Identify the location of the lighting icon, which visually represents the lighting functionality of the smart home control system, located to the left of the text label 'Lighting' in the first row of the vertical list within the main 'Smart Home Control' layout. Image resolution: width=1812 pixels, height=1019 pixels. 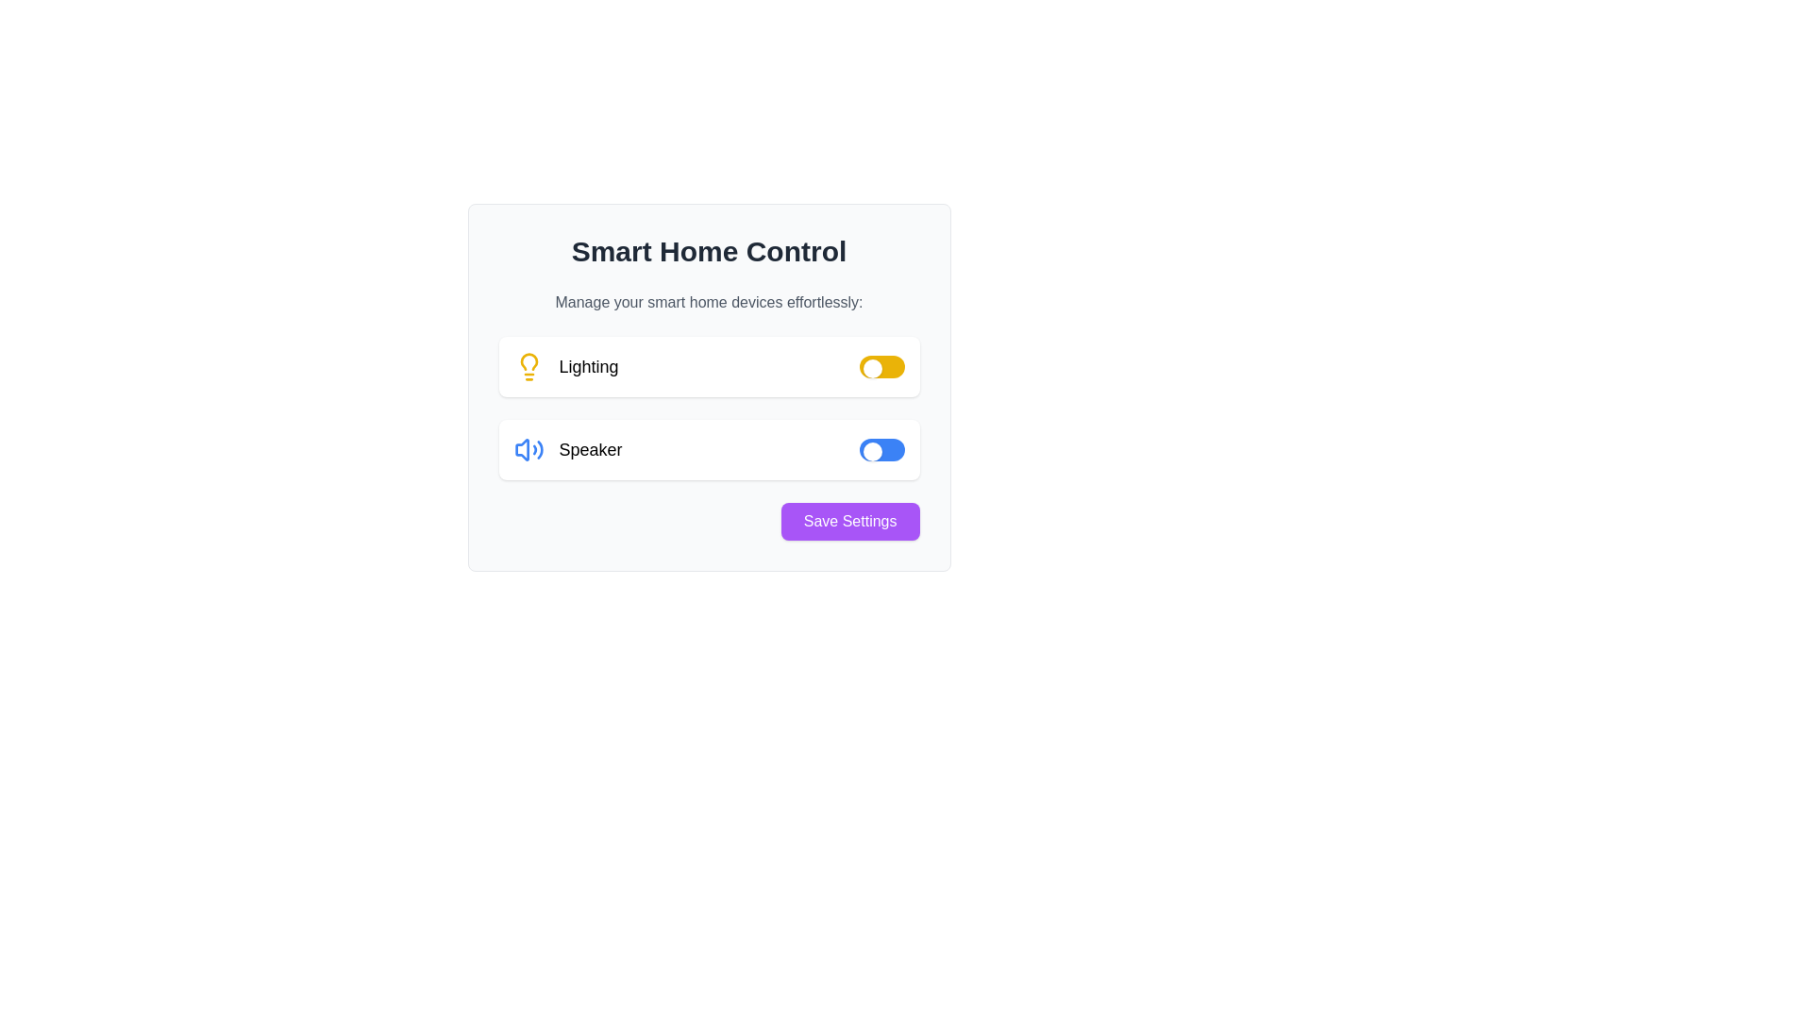
(528, 367).